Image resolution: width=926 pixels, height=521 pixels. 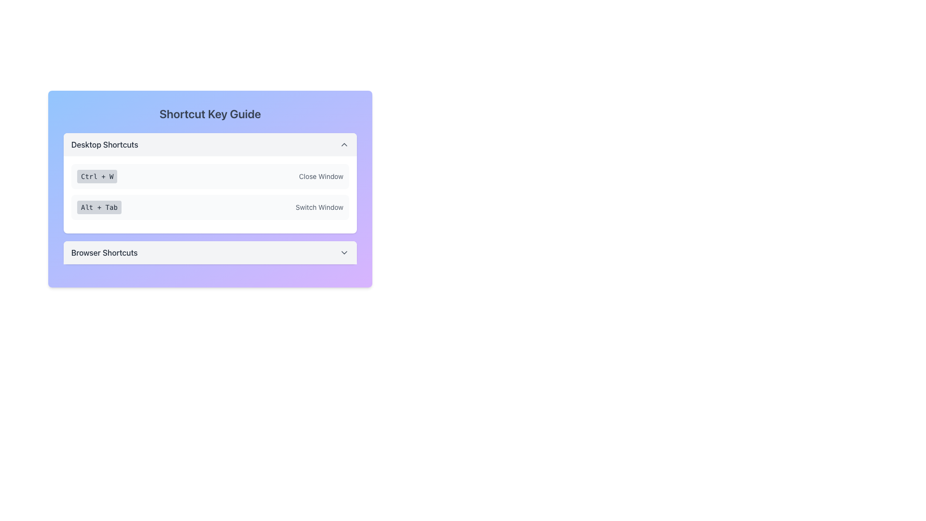 I want to click on the 'Desktop Shortcuts' informational card which lists shortcut key combinations for desktop use, located in the center of the 'Shortcut Key Guide' card, so click(x=210, y=183).